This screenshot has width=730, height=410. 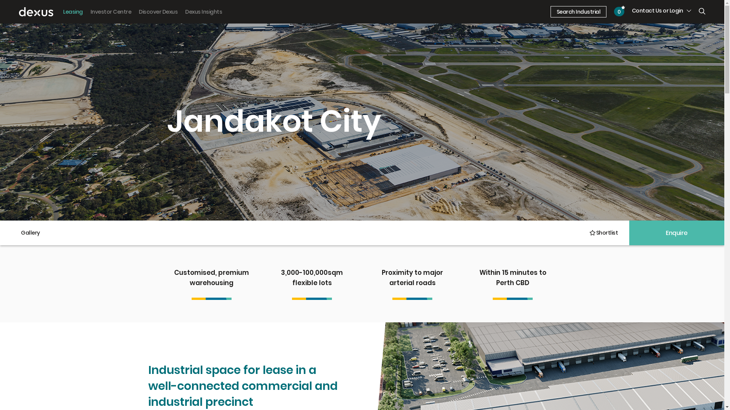 What do you see at coordinates (73, 12) in the screenshot?
I see `'Leasing'` at bounding box center [73, 12].